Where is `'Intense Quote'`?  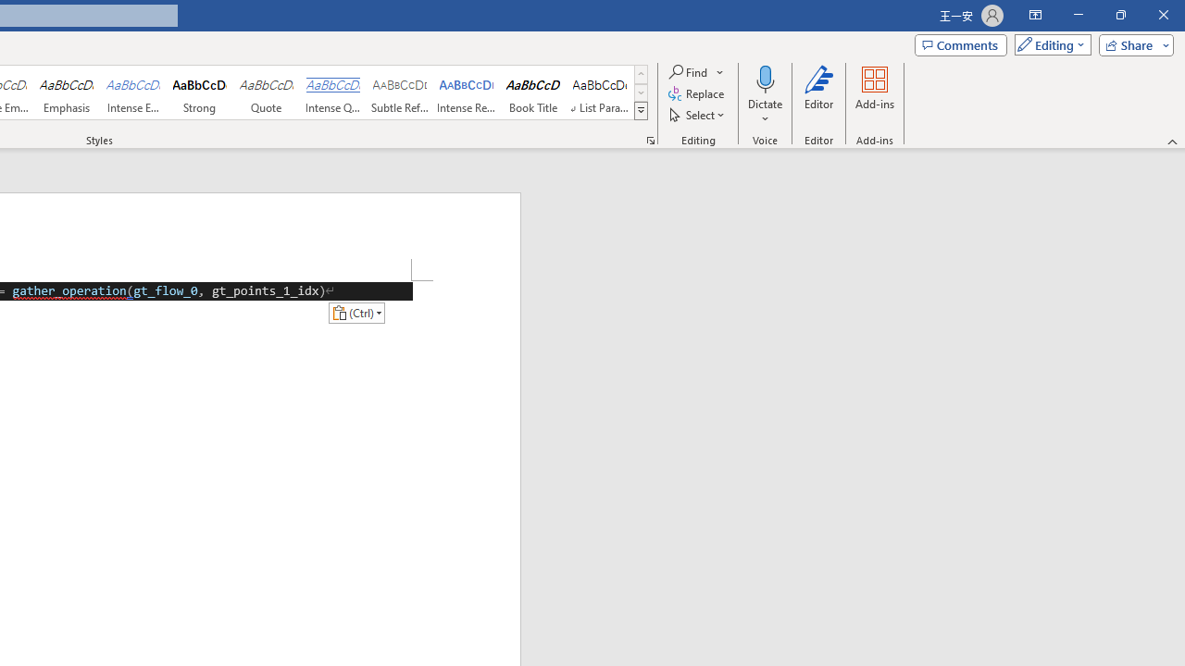
'Intense Quote' is located at coordinates (332, 92).